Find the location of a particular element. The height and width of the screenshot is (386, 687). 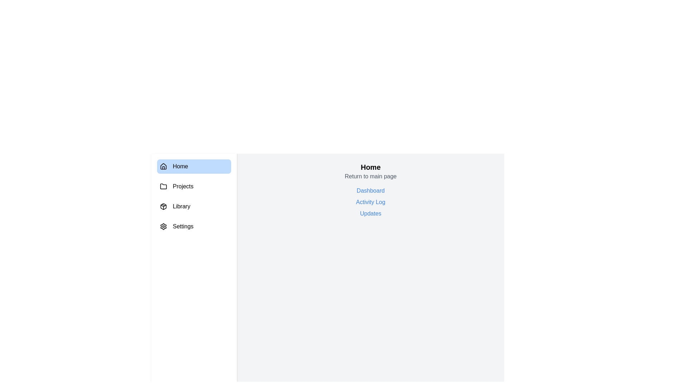

the 'Updates' hyperlink, which is the third link in a vertical list of hyperlinks ('Dashboard', 'Activity Log', 'Updates') is located at coordinates (371, 213).